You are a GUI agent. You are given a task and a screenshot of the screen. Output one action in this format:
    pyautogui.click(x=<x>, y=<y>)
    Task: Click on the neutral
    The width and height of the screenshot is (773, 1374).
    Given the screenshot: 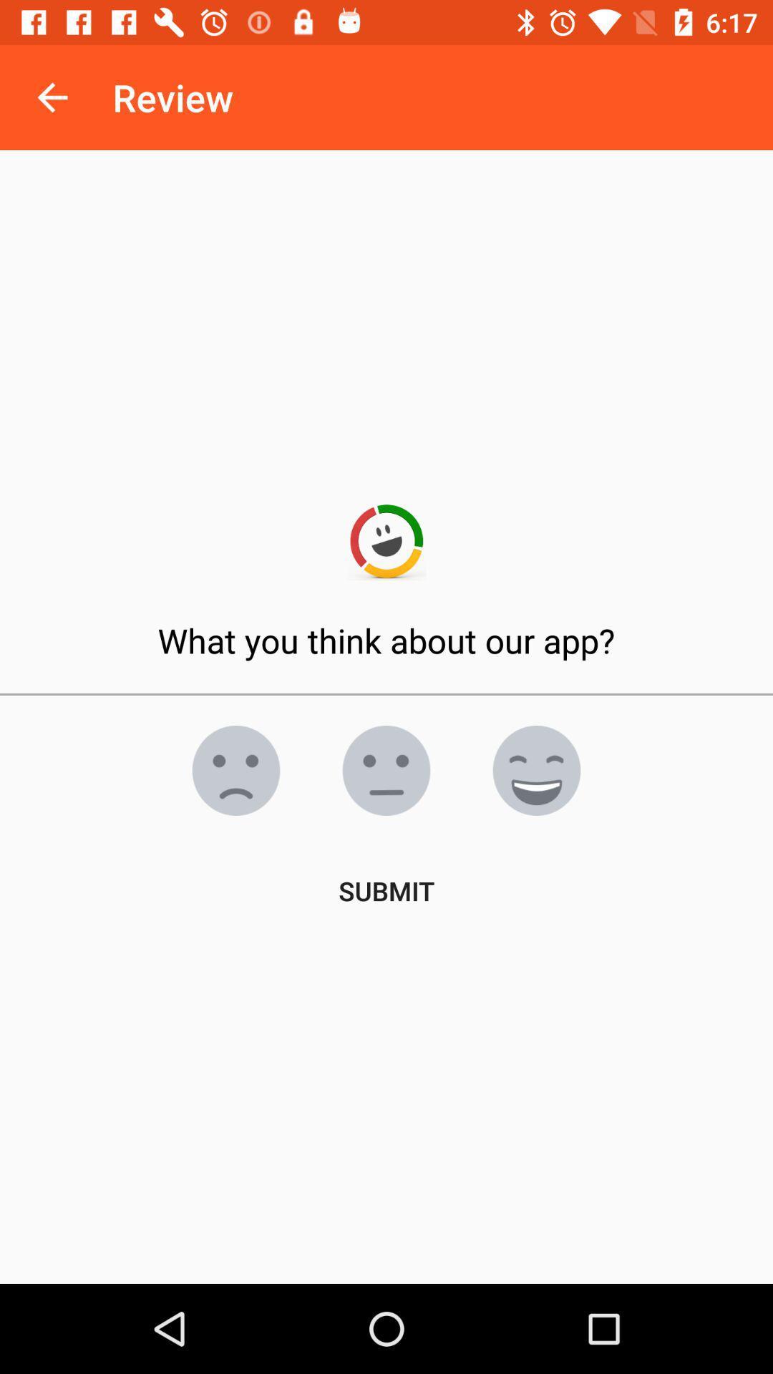 What is the action you would take?
    pyautogui.click(x=386, y=769)
    